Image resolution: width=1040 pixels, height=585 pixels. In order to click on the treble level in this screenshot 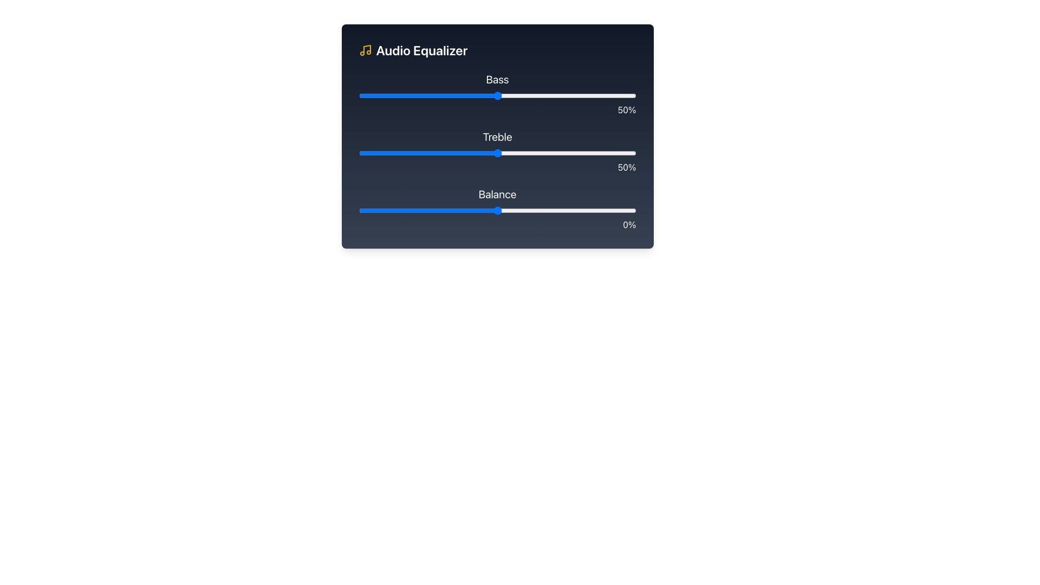, I will do `click(480, 153)`.